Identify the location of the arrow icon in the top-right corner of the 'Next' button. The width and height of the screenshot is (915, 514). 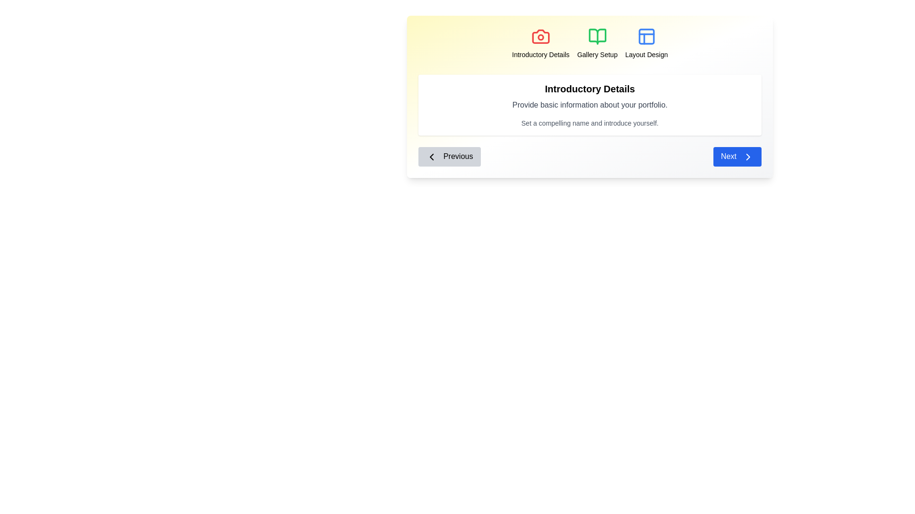
(747, 156).